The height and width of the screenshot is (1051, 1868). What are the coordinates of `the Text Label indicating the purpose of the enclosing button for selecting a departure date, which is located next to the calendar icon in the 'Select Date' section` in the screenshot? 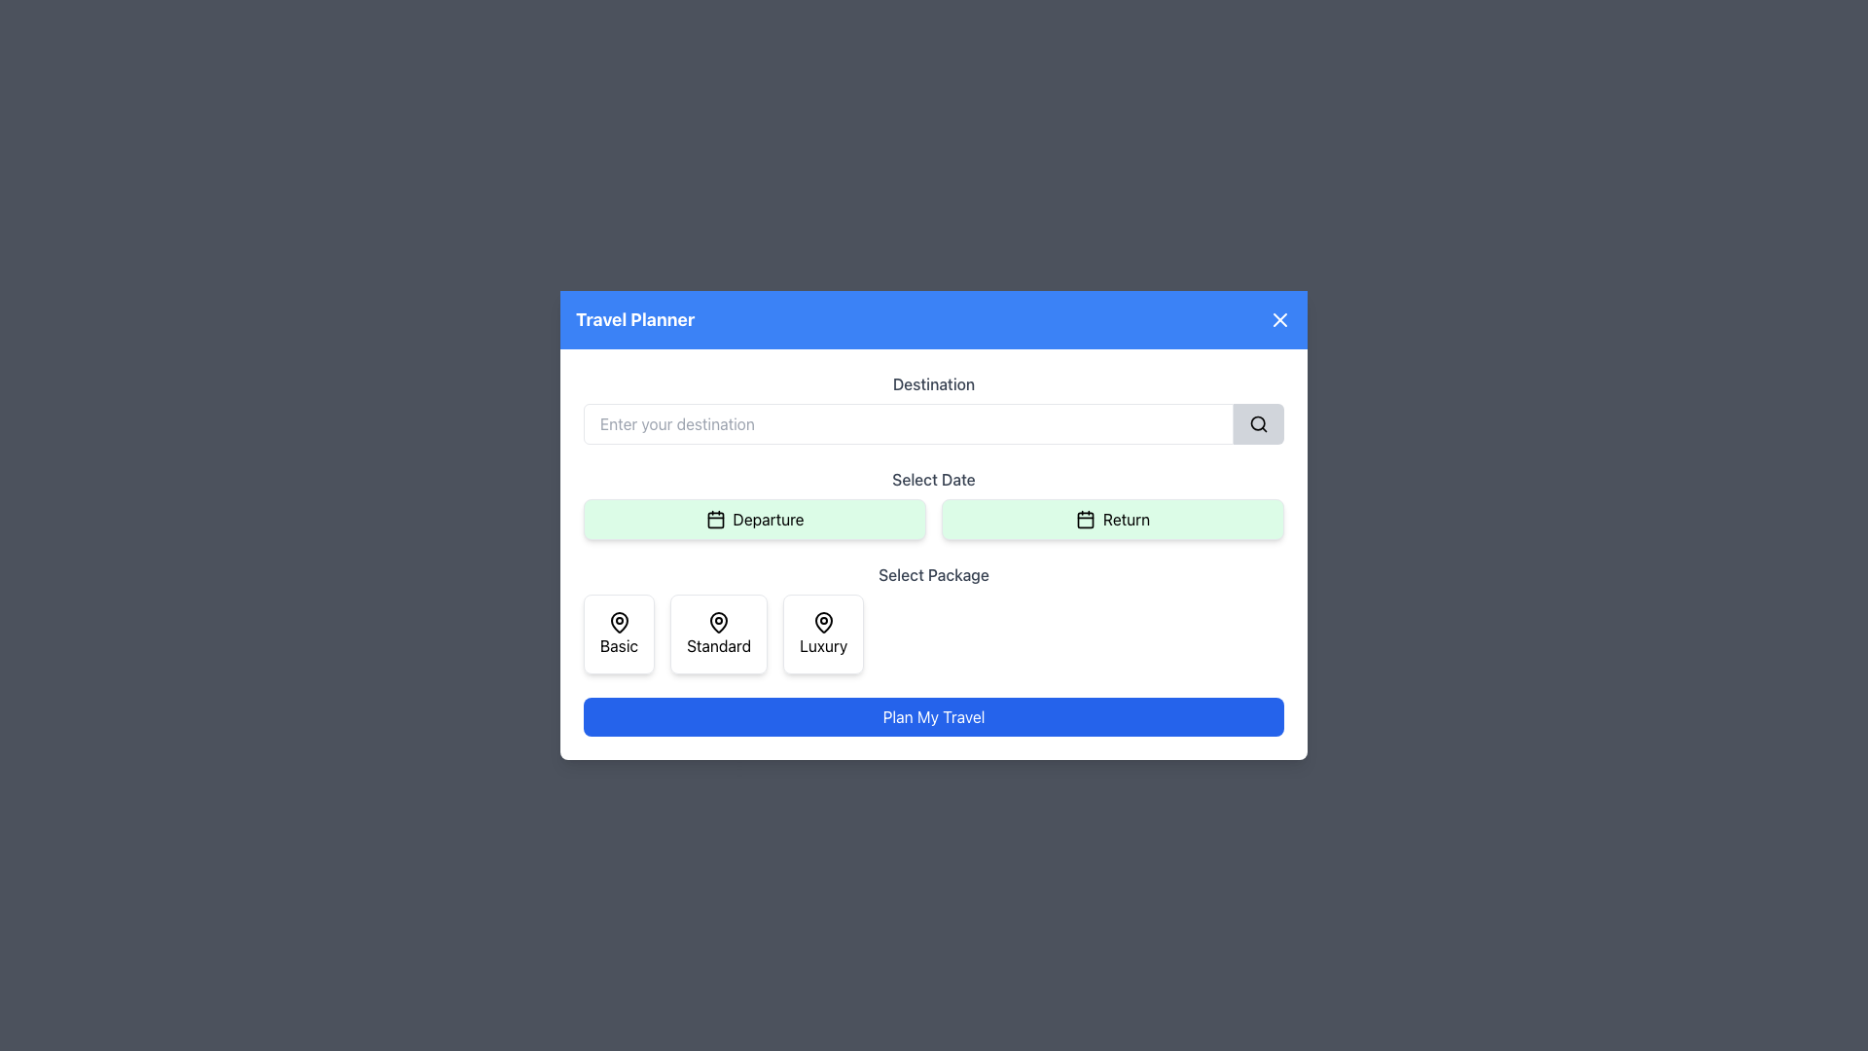 It's located at (768, 518).